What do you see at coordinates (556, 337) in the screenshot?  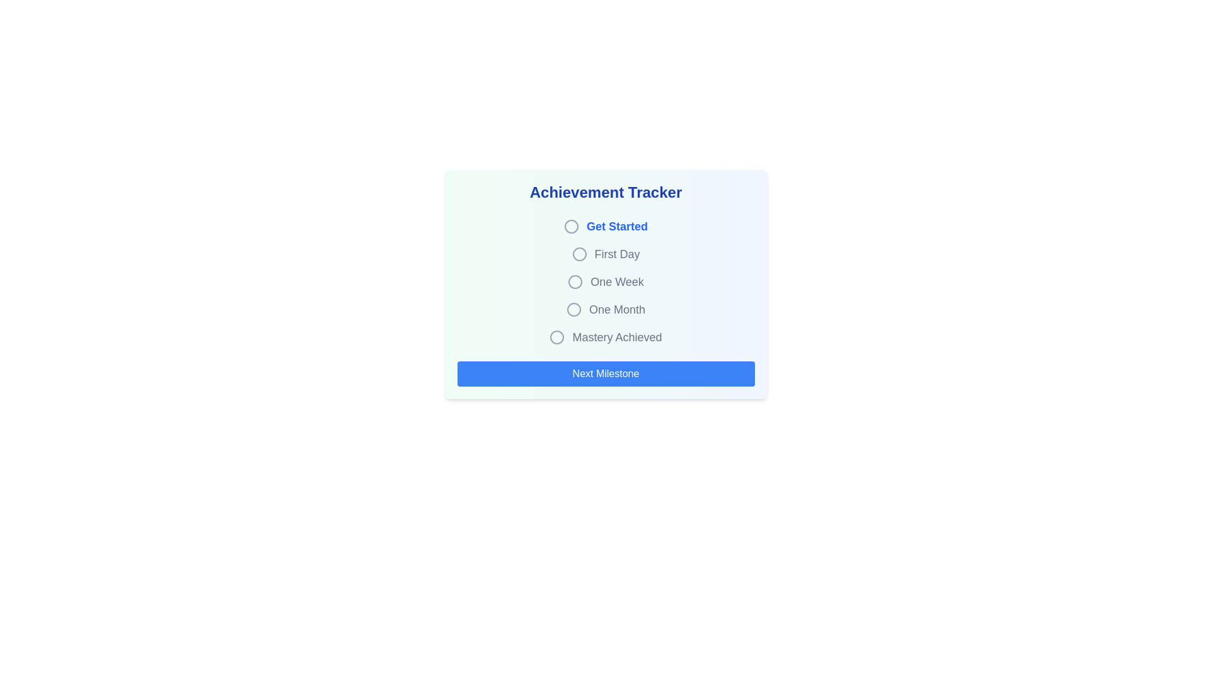 I see `the fifth radio button in the 'Achievement Tracker' section` at bounding box center [556, 337].